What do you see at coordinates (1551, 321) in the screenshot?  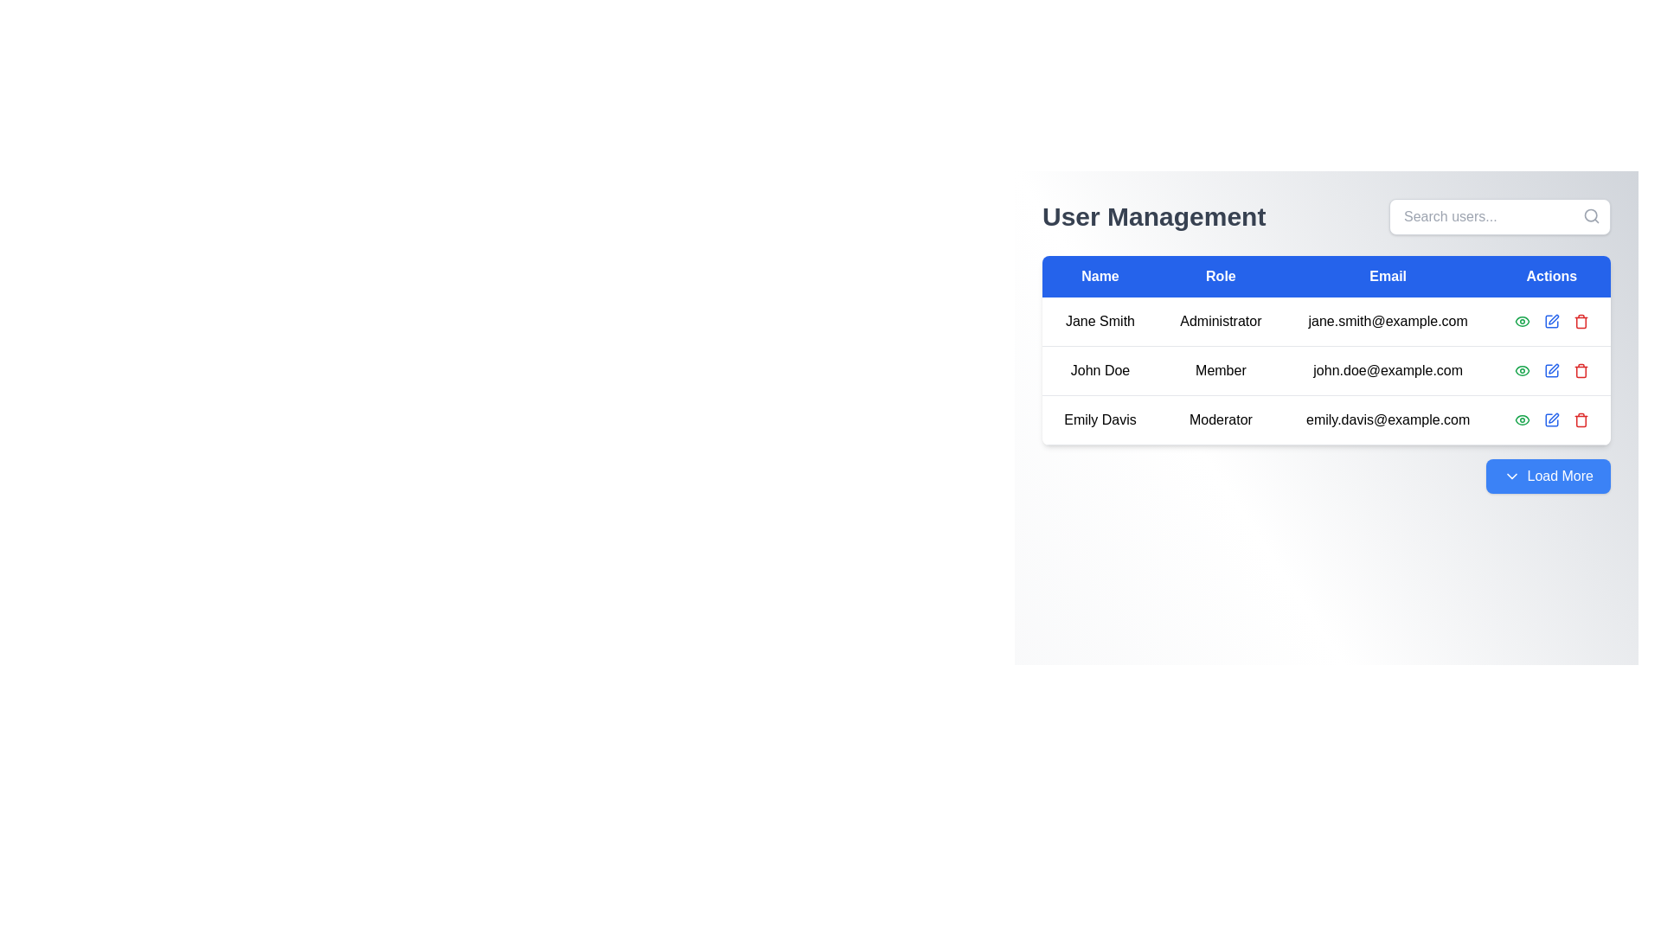 I see `the edit icon in the rightmost column of the first row in the user management table to initiate the edit functionality` at bounding box center [1551, 321].